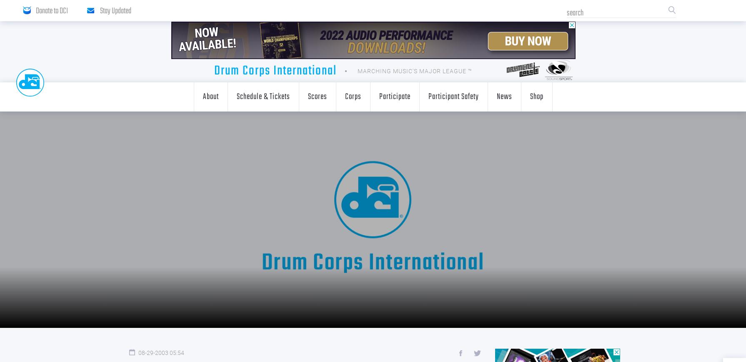 The image size is (746, 362). Describe the element at coordinates (298, 146) in the screenshot. I see `'Digital Downloads'` at that location.